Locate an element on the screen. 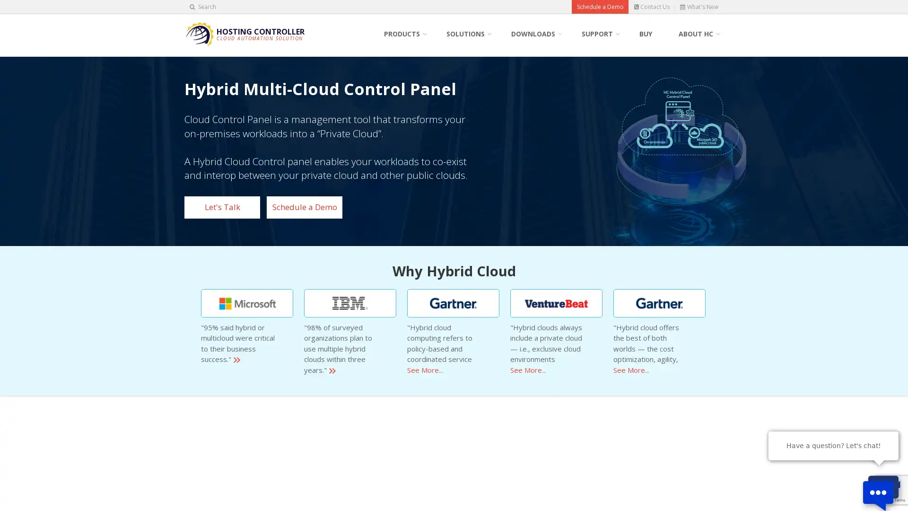 The width and height of the screenshot is (908, 511). Smarter With Gartner is located at coordinates (453, 303).